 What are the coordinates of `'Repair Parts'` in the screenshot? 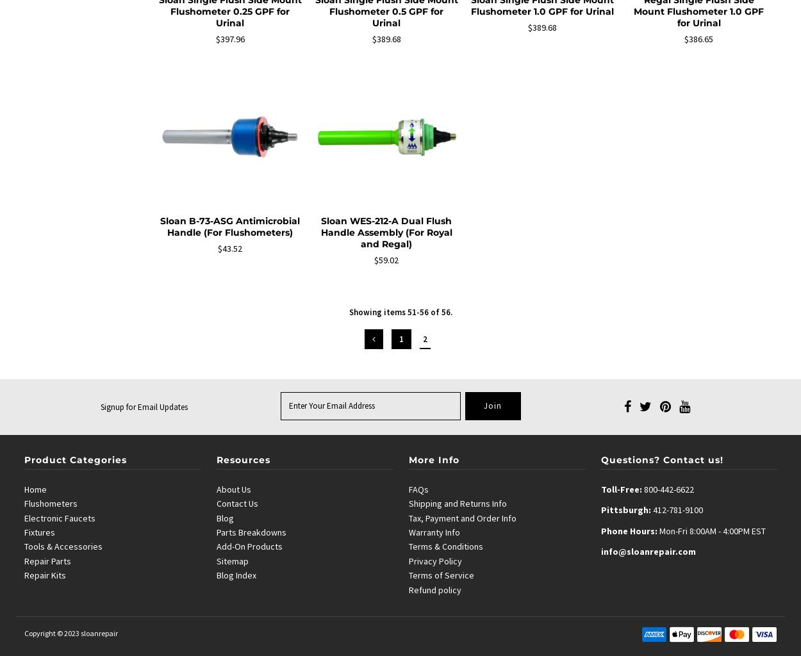 It's located at (46, 561).